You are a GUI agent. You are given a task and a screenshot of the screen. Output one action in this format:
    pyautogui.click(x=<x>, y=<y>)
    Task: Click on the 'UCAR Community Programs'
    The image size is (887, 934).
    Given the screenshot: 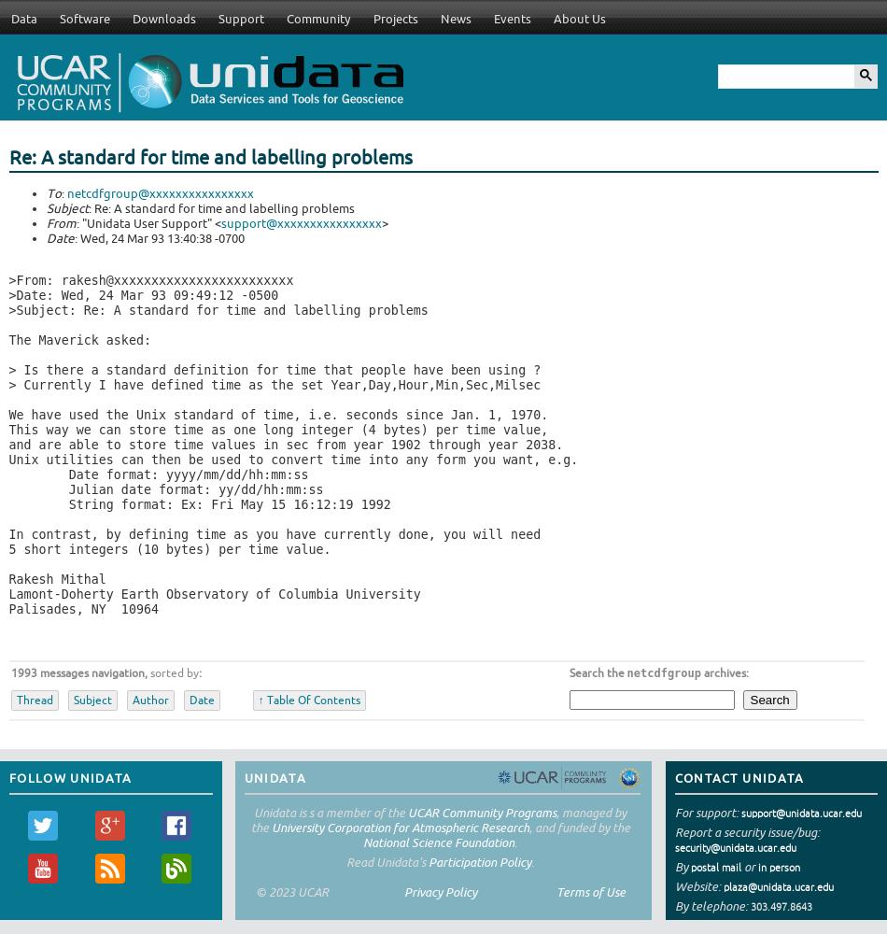 What is the action you would take?
    pyautogui.click(x=482, y=811)
    